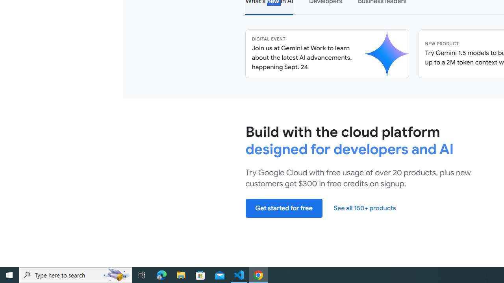 The image size is (504, 283). Describe the element at coordinates (283, 208) in the screenshot. I see `'Get started for free'` at that location.